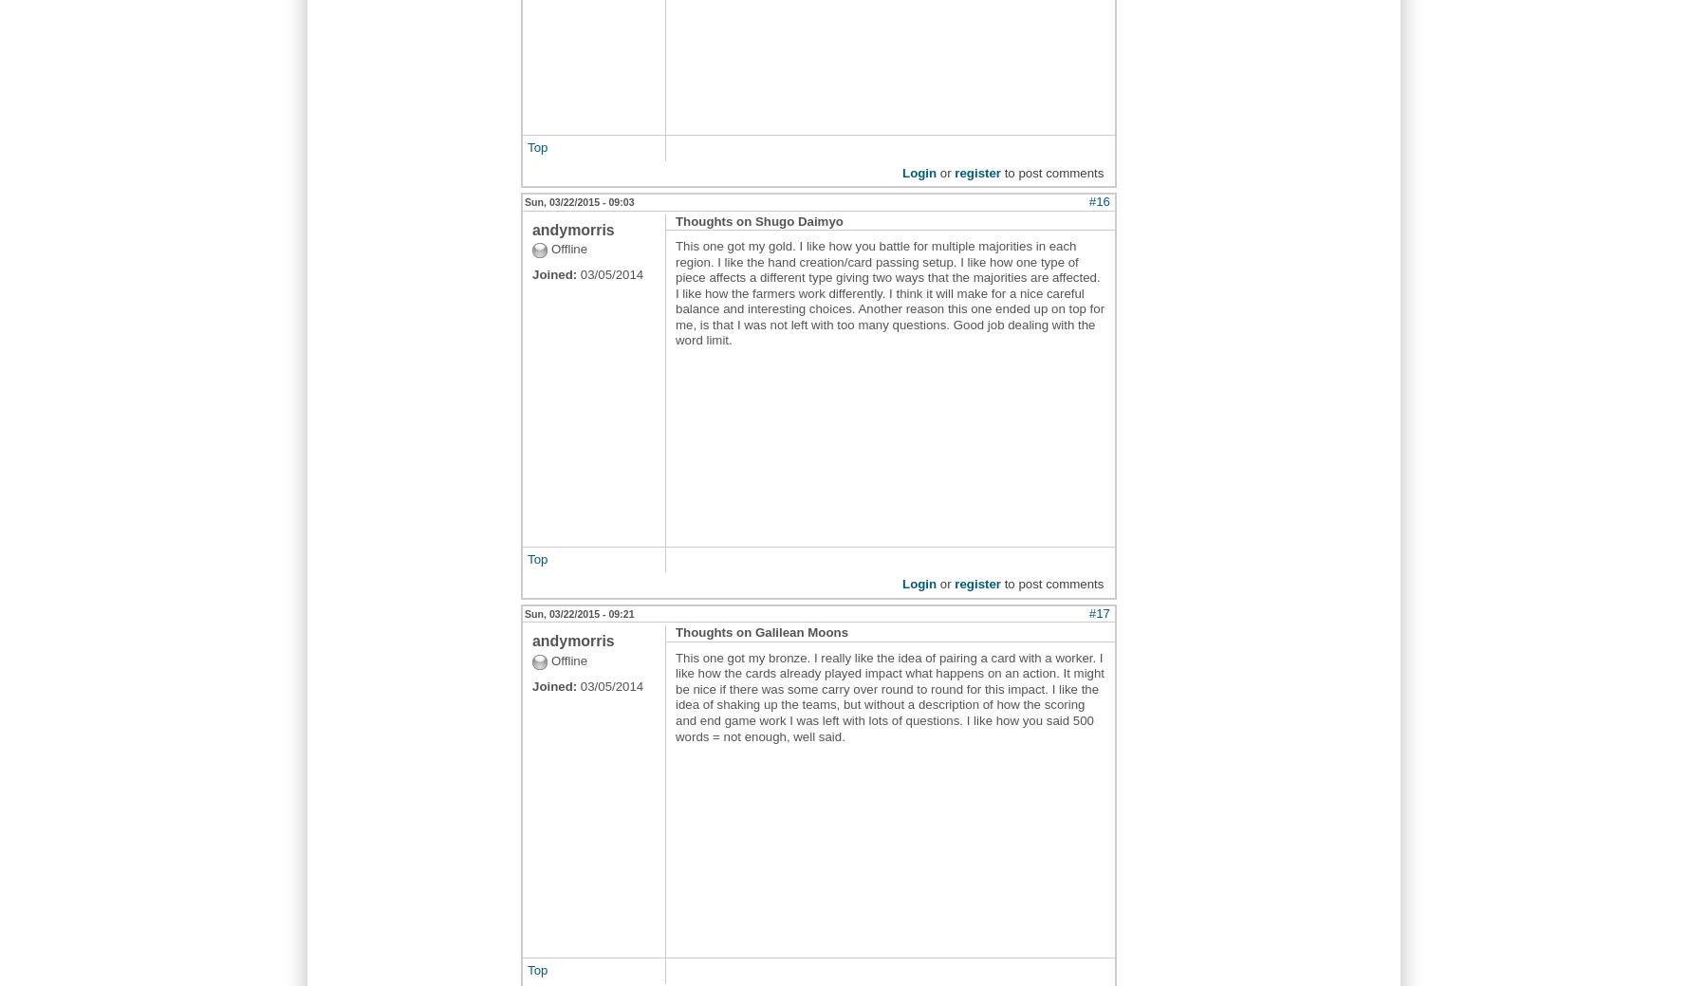 Image resolution: width=1708 pixels, height=986 pixels. I want to click on '#17', so click(1098, 612).